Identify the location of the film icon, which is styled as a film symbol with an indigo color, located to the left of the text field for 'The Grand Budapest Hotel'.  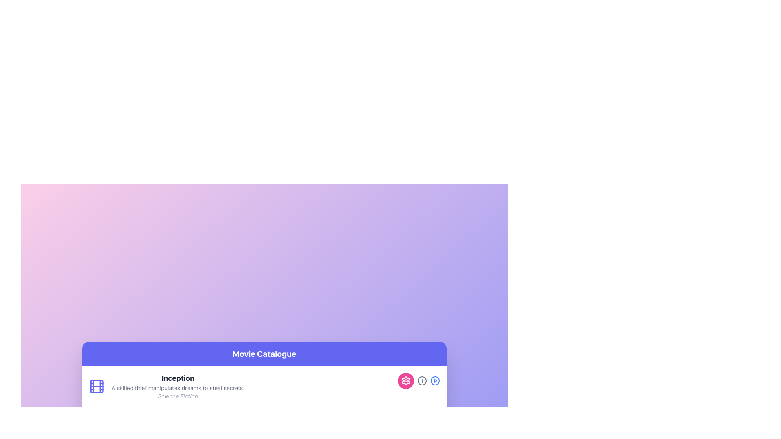
(97, 426).